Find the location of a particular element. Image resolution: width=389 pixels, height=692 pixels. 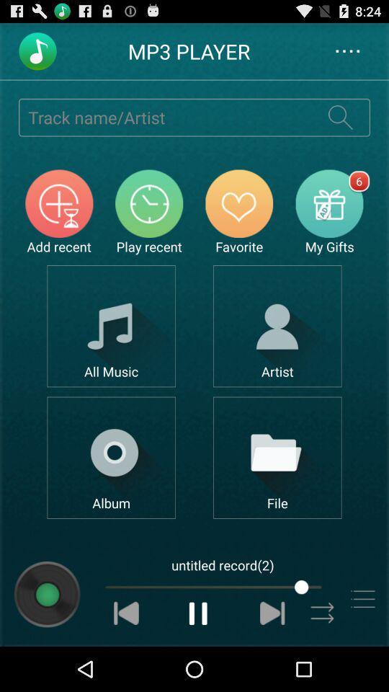

submit search is located at coordinates (340, 116).